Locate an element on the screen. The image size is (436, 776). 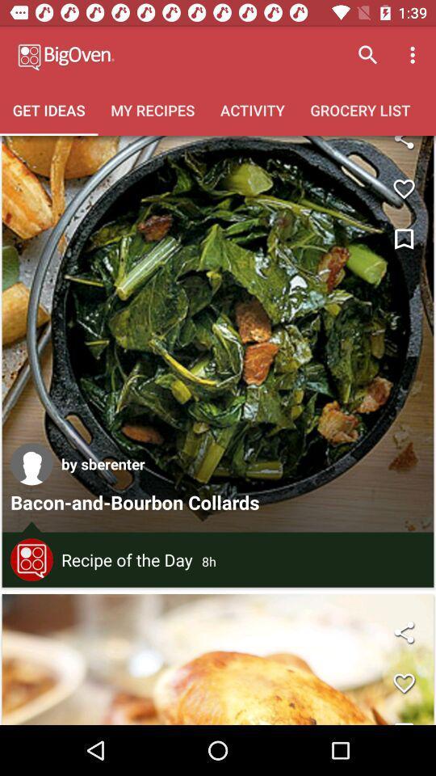
by sberenter item is located at coordinates (103, 464).